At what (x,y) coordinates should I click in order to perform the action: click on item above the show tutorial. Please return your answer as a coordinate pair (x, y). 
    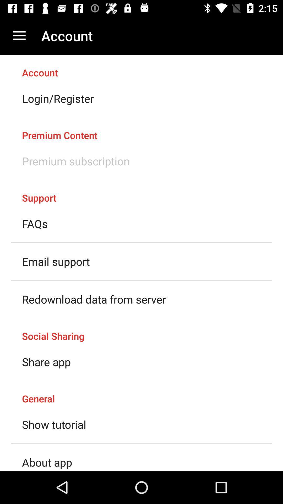
    Looking at the image, I should click on (141, 393).